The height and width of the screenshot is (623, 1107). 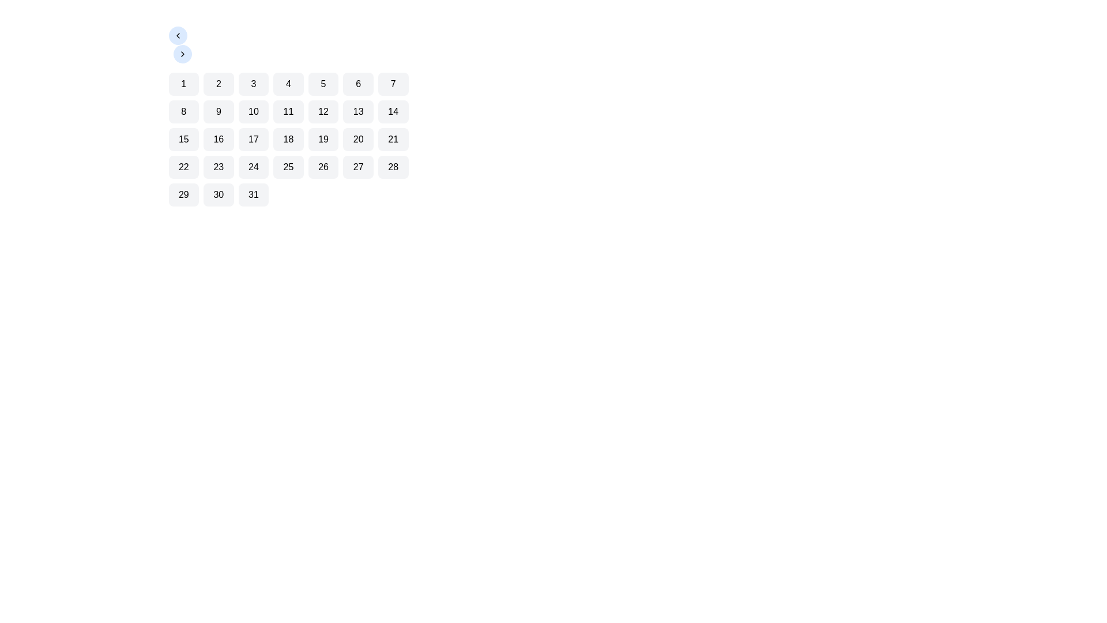 I want to click on the rounded rectangular button labeled '7' with a gray background, so click(x=393, y=84).